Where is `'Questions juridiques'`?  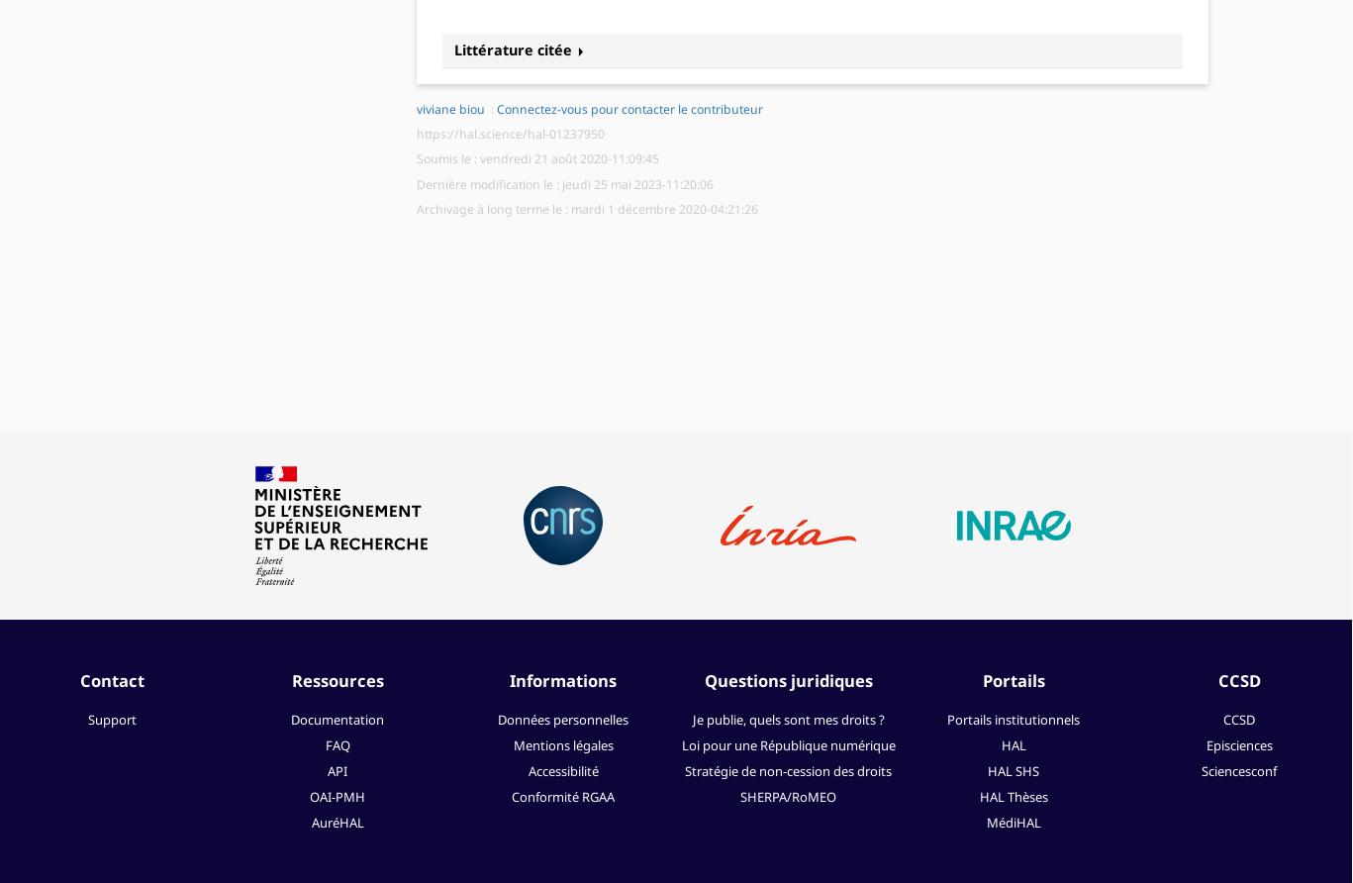 'Questions juridiques' is located at coordinates (787, 679).